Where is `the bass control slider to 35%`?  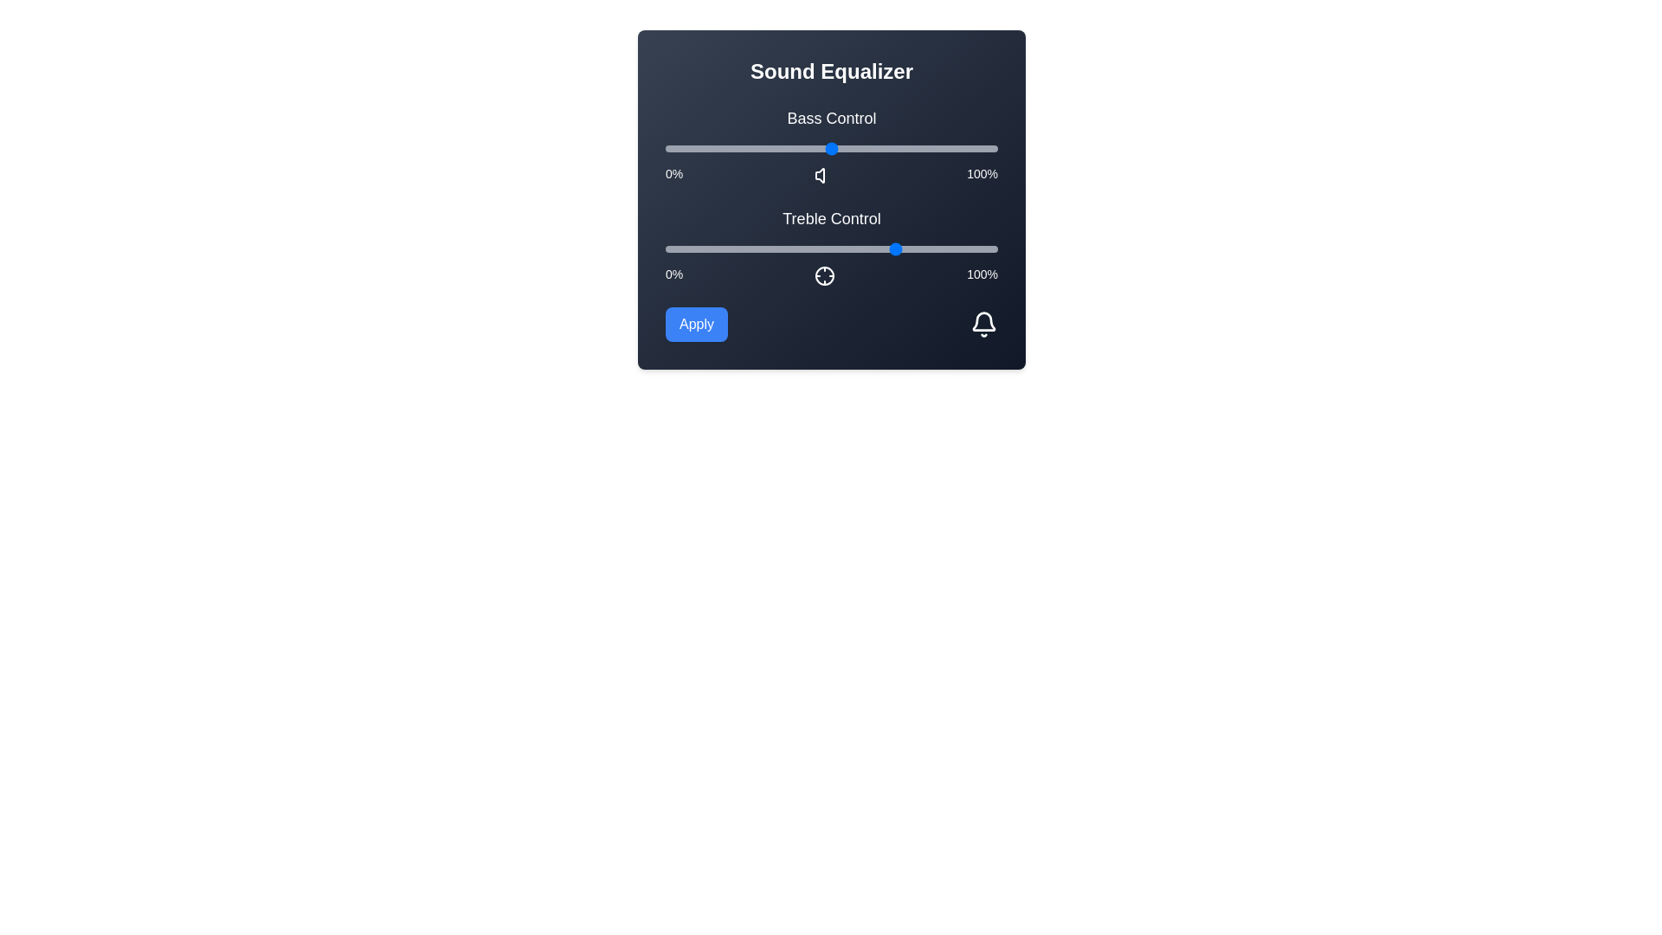 the bass control slider to 35% is located at coordinates (781, 148).